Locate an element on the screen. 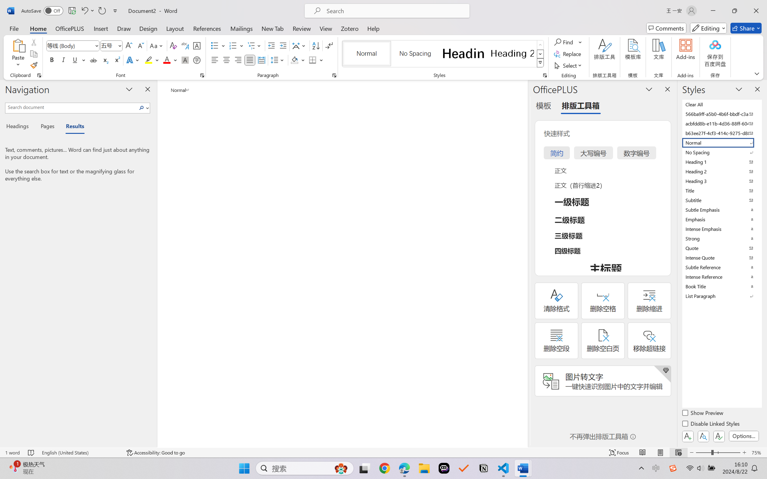  'Print Layout' is located at coordinates (660, 452).